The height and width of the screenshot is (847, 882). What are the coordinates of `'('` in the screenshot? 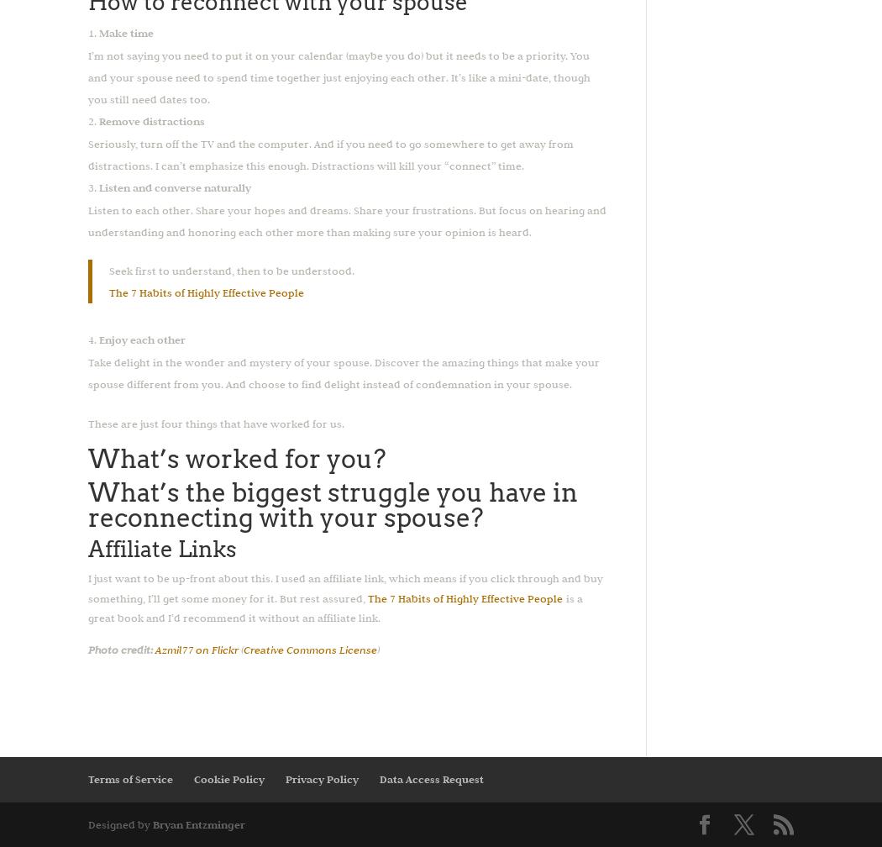 It's located at (239, 650).